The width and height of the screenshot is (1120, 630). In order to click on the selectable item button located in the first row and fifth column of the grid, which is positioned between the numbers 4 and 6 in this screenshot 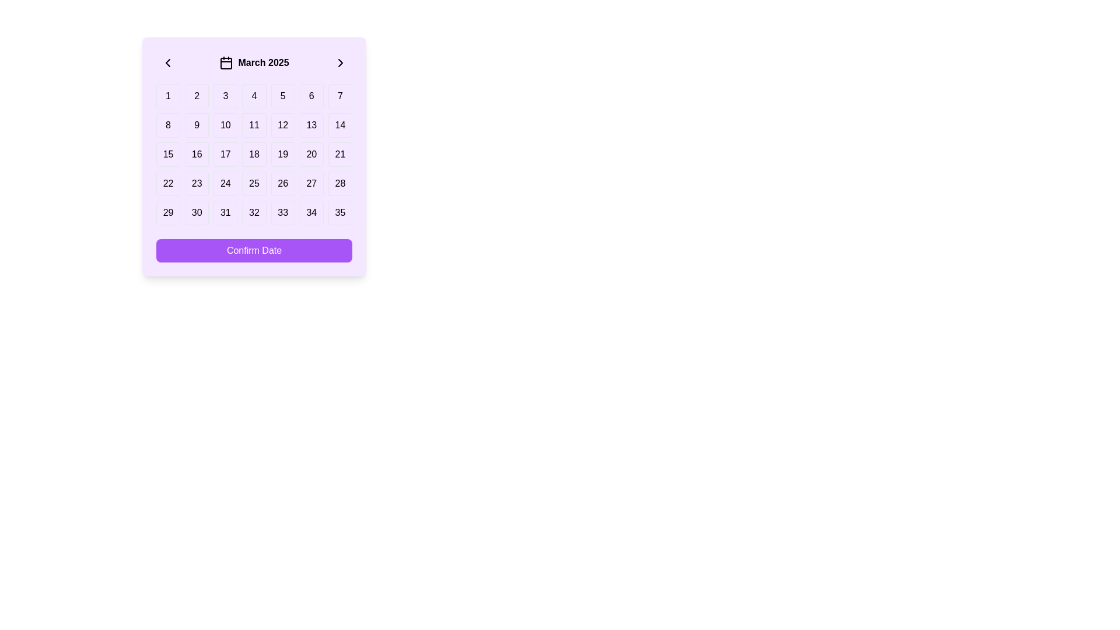, I will do `click(283, 96)`.